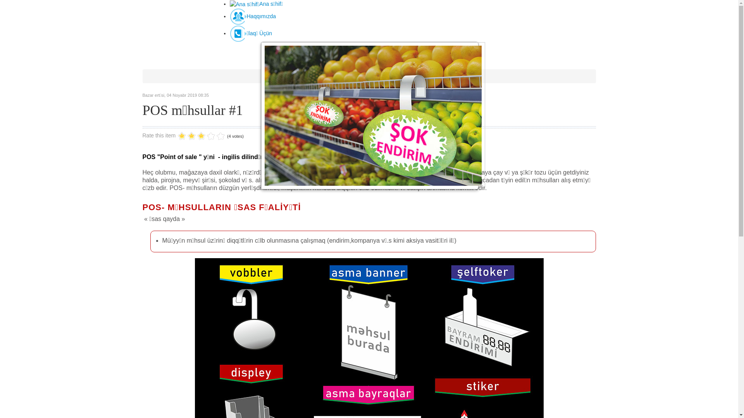 The image size is (744, 418). What do you see at coordinates (186, 136) in the screenshot?
I see `'2'` at bounding box center [186, 136].